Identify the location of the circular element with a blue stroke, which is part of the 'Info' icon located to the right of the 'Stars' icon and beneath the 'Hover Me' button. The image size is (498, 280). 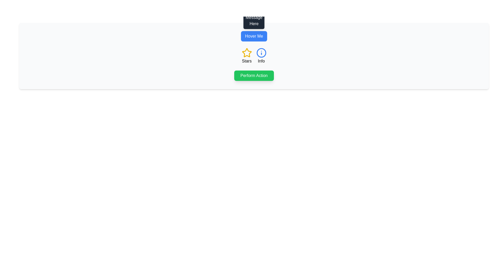
(261, 53).